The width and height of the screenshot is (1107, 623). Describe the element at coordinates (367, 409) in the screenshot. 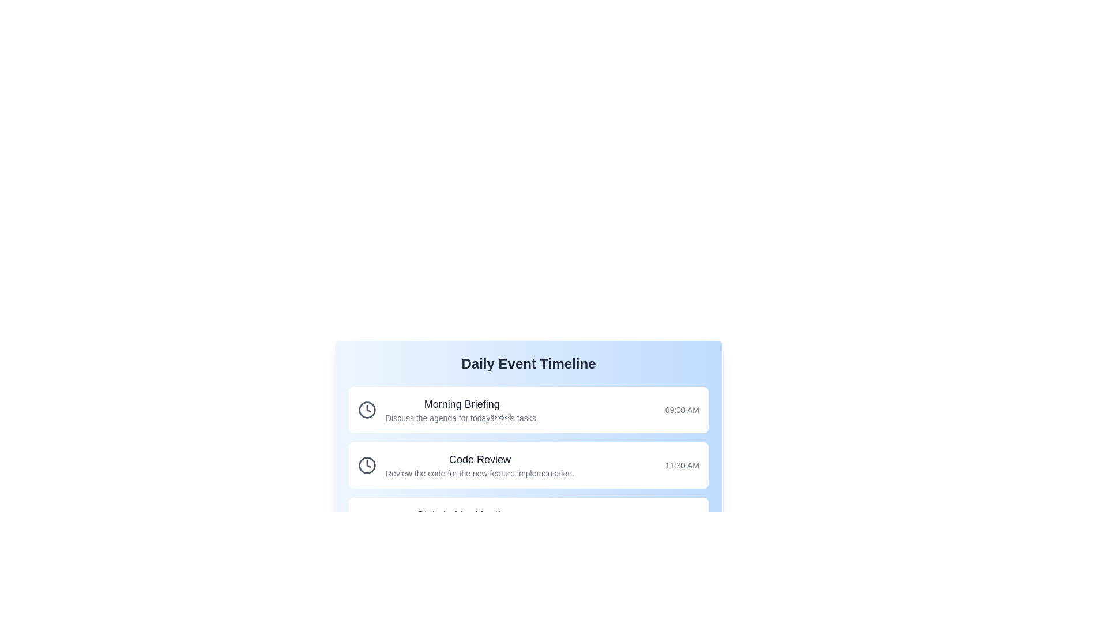

I see `the icon associated with the event titled Morning Briefing` at that location.